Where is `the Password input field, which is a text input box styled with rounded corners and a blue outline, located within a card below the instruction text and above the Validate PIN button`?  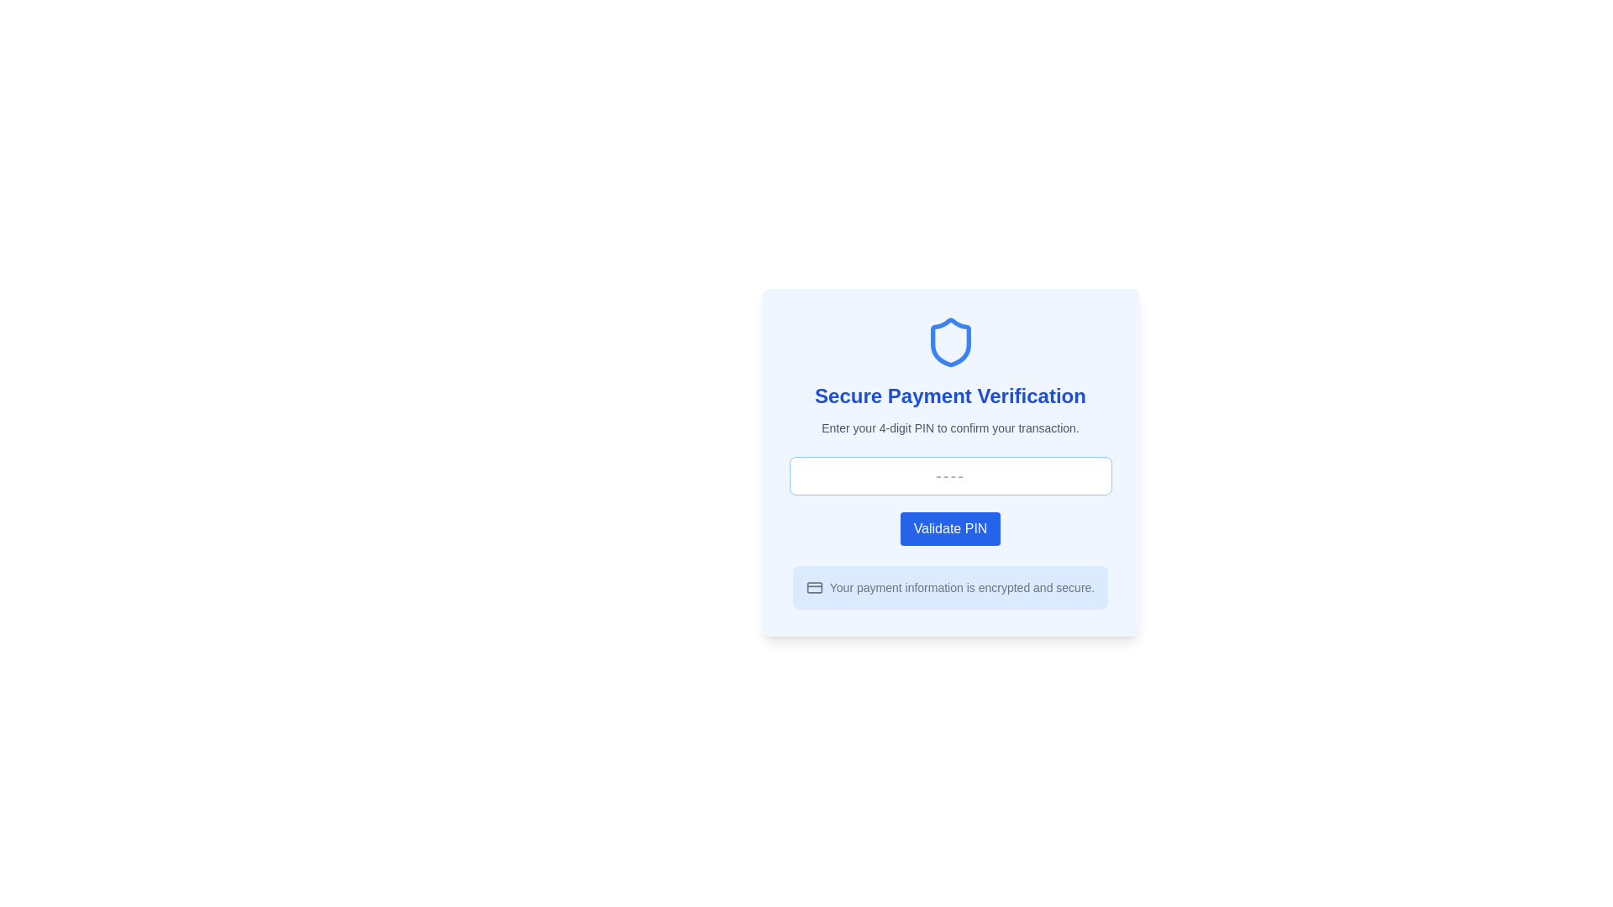
the Password input field, which is a text input box styled with rounded corners and a blue outline, located within a card below the instruction text and above the Validate PIN button is located at coordinates (950, 476).